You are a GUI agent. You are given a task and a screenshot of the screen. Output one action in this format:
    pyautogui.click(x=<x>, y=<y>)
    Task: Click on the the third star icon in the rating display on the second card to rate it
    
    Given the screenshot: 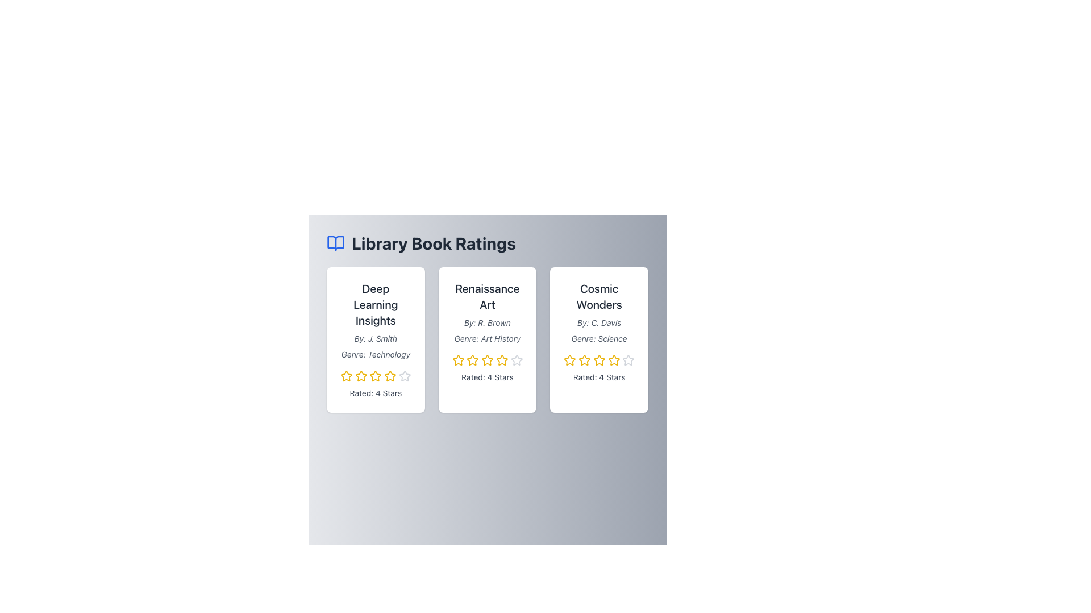 What is the action you would take?
    pyautogui.click(x=488, y=360)
    